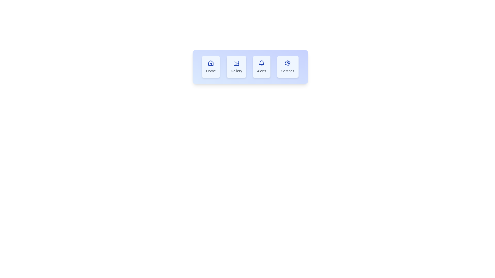 The height and width of the screenshot is (278, 495). What do you see at coordinates (211, 63) in the screenshot?
I see `the 'Home' graphic icon, which is the first card on the left in a horizontal set of four cards, visually representing the 'Home' functionality` at bounding box center [211, 63].